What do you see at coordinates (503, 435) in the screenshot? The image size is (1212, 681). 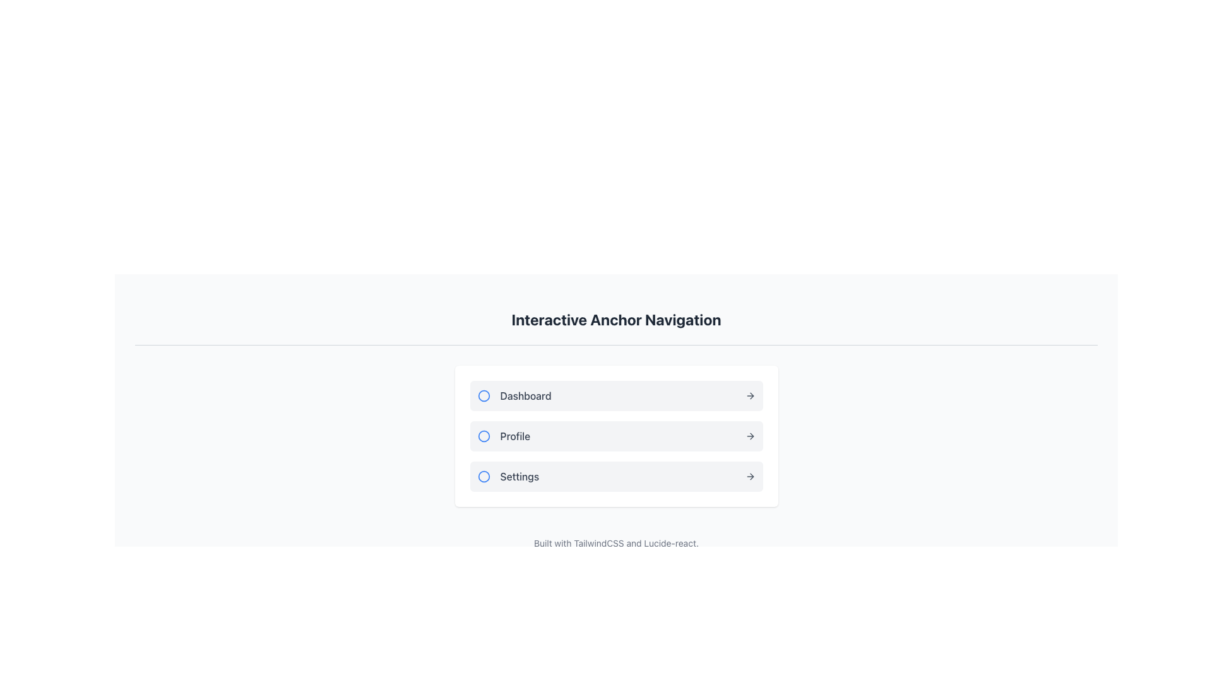 I see `the 'Profile' text label in the navigation menu` at bounding box center [503, 435].